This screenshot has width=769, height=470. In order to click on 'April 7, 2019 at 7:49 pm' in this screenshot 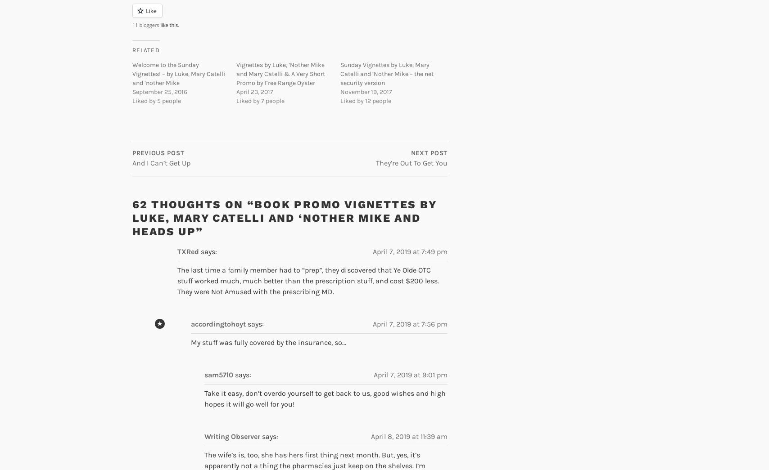, I will do `click(410, 251)`.